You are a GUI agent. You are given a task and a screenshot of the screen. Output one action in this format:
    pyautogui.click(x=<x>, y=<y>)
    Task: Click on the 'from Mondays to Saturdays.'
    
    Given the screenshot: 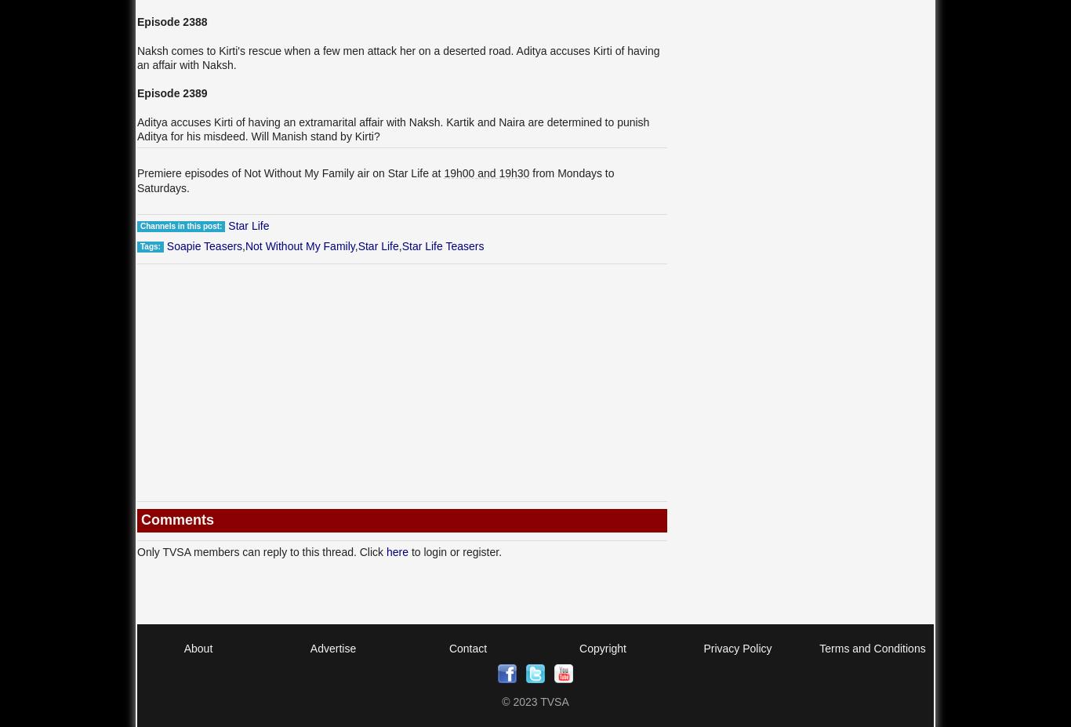 What is the action you would take?
    pyautogui.click(x=376, y=180)
    